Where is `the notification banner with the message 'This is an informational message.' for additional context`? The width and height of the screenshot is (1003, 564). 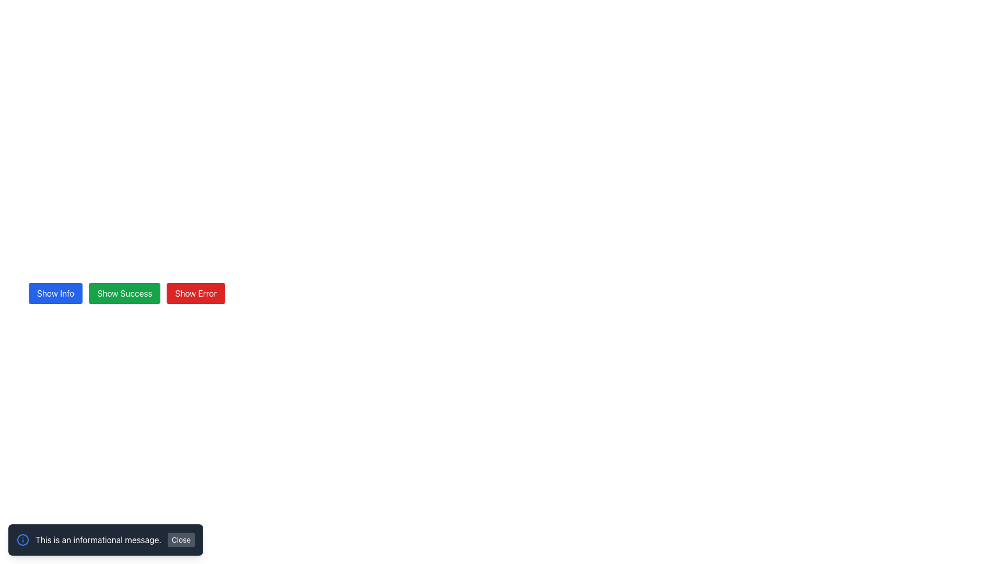
the notification banner with the message 'This is an informational message.' for additional context is located at coordinates (106, 539).